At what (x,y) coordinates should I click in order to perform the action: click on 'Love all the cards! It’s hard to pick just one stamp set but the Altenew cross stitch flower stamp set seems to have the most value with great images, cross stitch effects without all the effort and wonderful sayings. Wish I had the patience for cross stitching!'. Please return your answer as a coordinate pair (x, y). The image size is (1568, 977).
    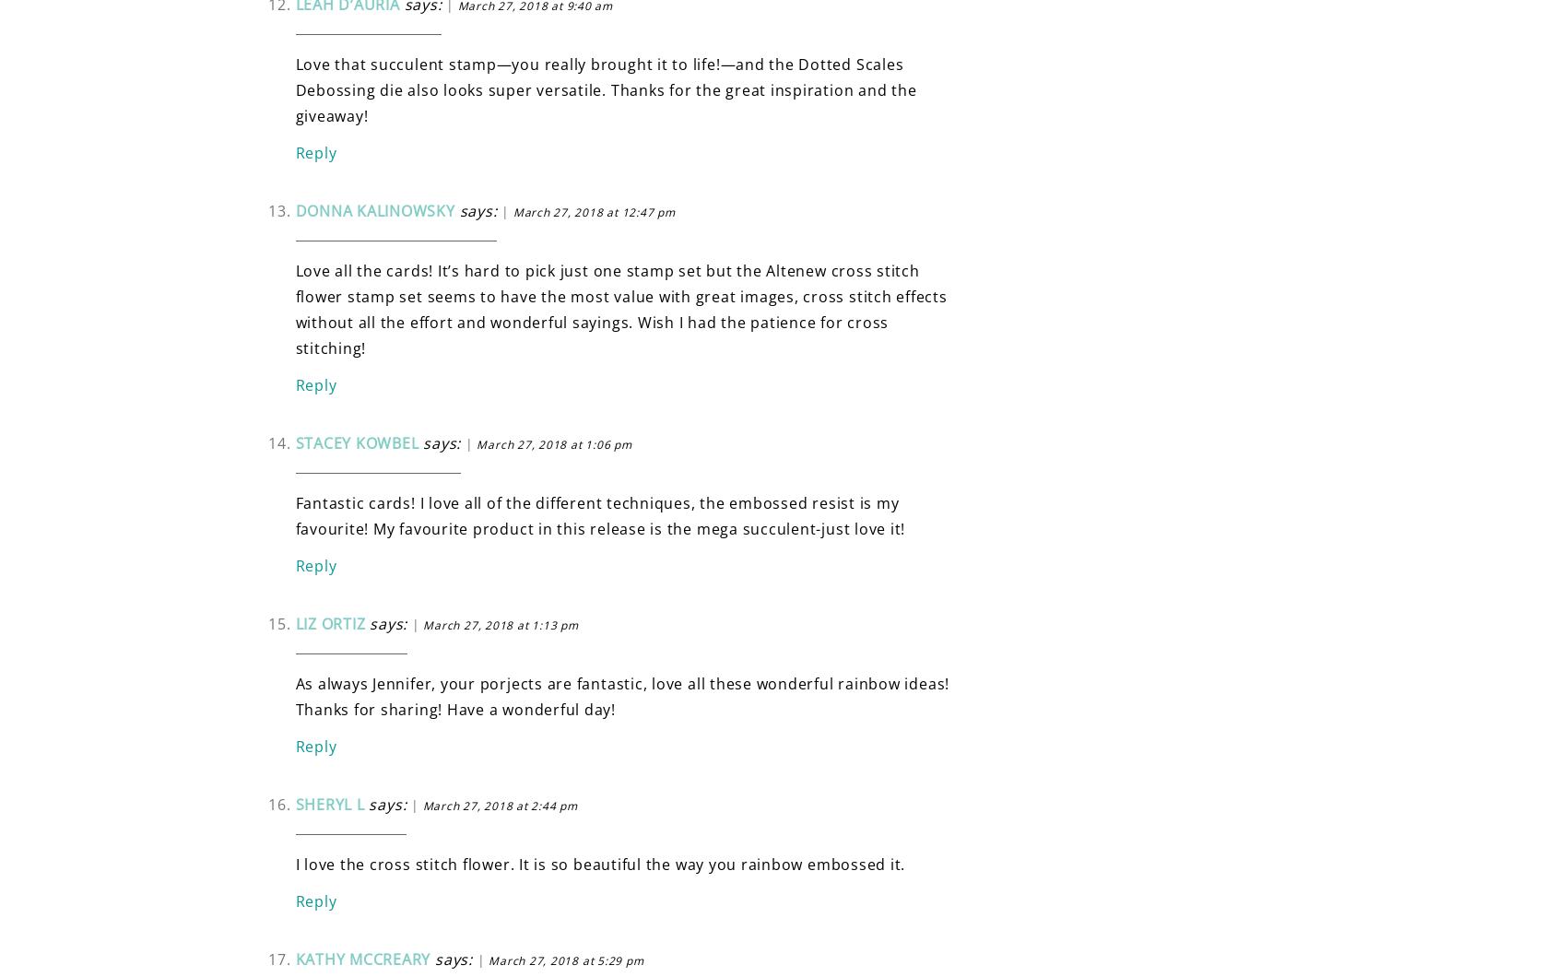
    Looking at the image, I should click on (619, 308).